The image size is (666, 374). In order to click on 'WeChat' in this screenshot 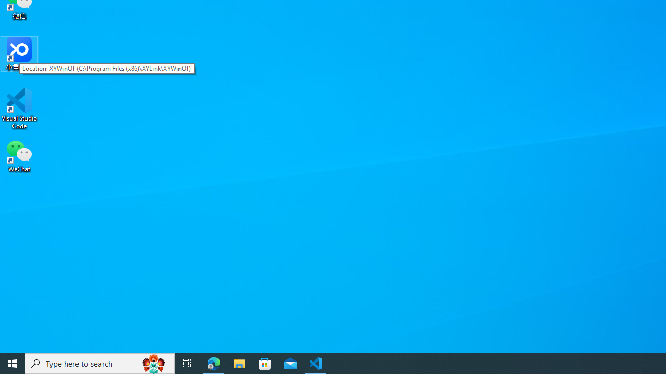, I will do `click(19, 155)`.